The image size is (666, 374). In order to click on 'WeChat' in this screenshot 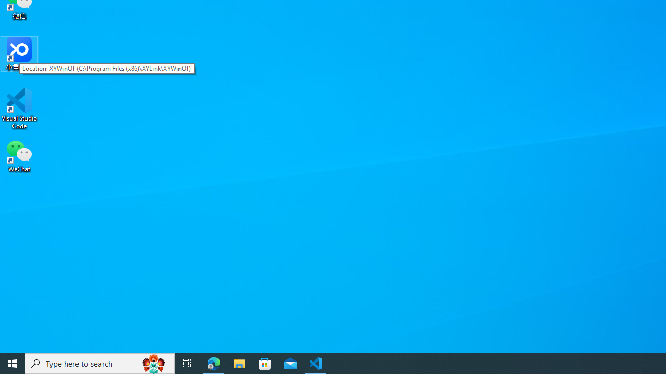, I will do `click(19, 155)`.